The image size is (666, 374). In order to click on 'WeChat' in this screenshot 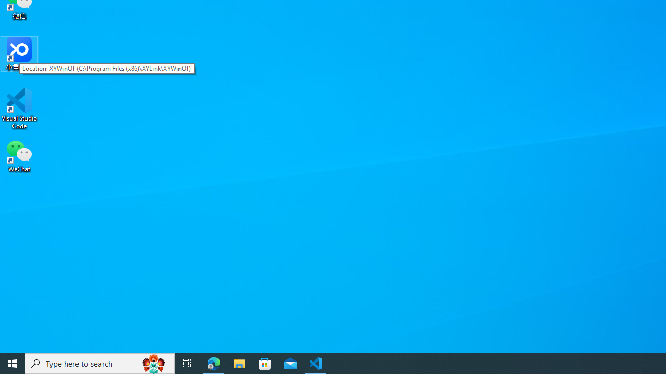, I will do `click(19, 155)`.